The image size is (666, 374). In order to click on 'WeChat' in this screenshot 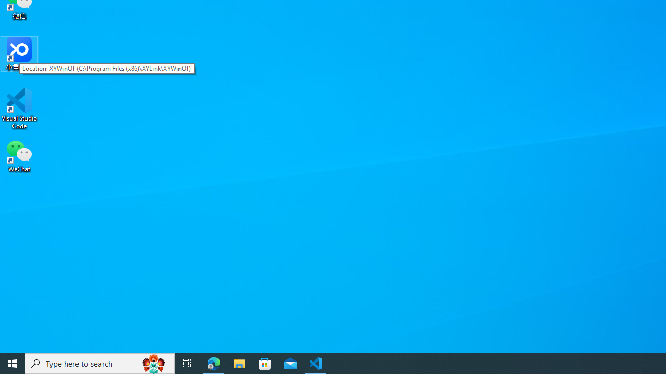, I will do `click(19, 155)`.